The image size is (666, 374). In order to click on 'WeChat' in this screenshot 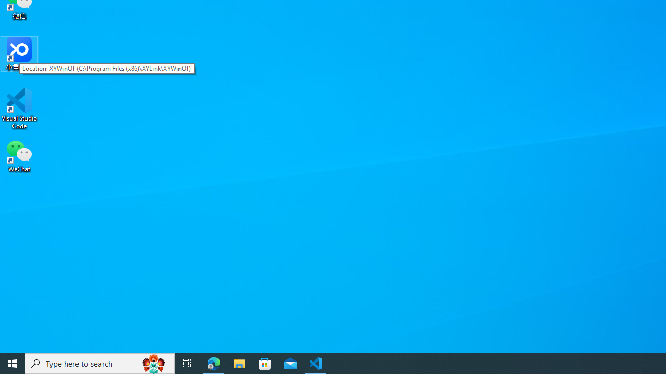, I will do `click(19, 155)`.